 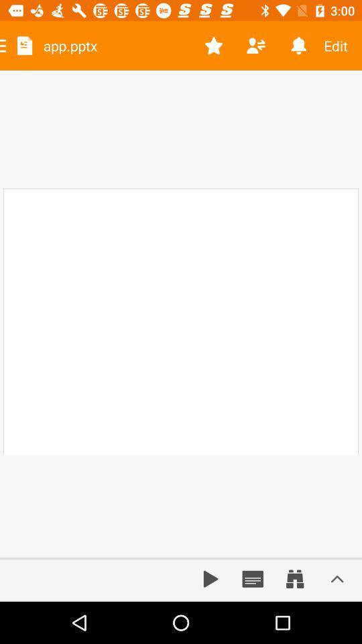 I want to click on switch profile, so click(x=256, y=46).